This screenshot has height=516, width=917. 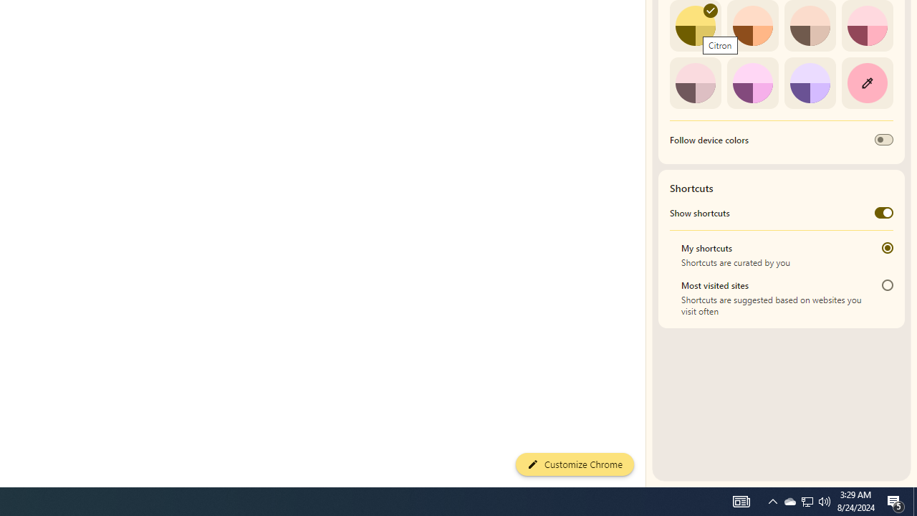 I want to click on 'Rose', so click(x=866, y=26).